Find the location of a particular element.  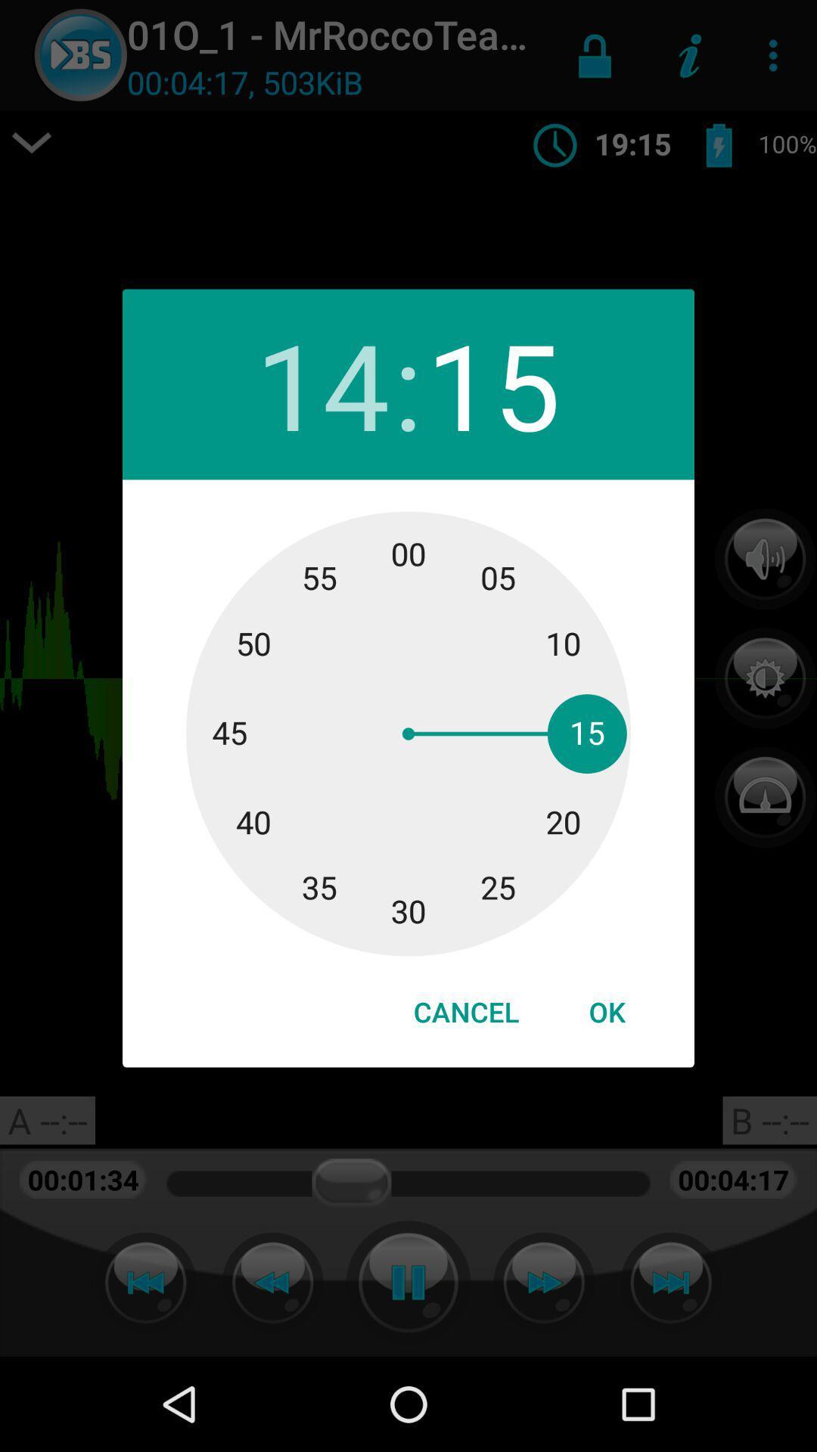

item next to the : item is located at coordinates (322, 384).